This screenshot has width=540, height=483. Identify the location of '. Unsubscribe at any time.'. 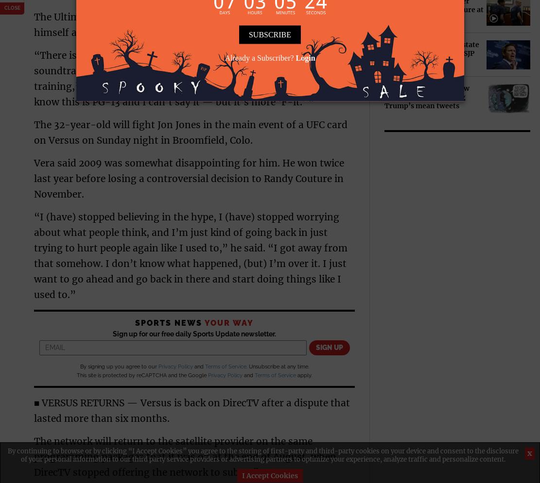
(277, 366).